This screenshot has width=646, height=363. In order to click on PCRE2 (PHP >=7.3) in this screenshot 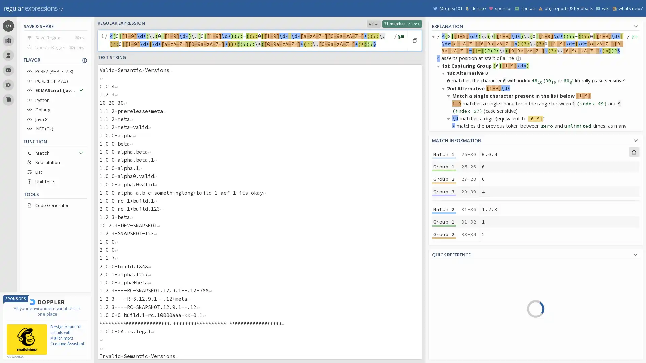, I will do `click(55, 71)`.